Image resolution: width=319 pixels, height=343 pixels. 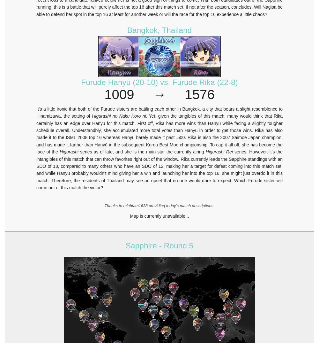 What do you see at coordinates (69, 152) in the screenshot?
I see `'Higurashi'` at bounding box center [69, 152].